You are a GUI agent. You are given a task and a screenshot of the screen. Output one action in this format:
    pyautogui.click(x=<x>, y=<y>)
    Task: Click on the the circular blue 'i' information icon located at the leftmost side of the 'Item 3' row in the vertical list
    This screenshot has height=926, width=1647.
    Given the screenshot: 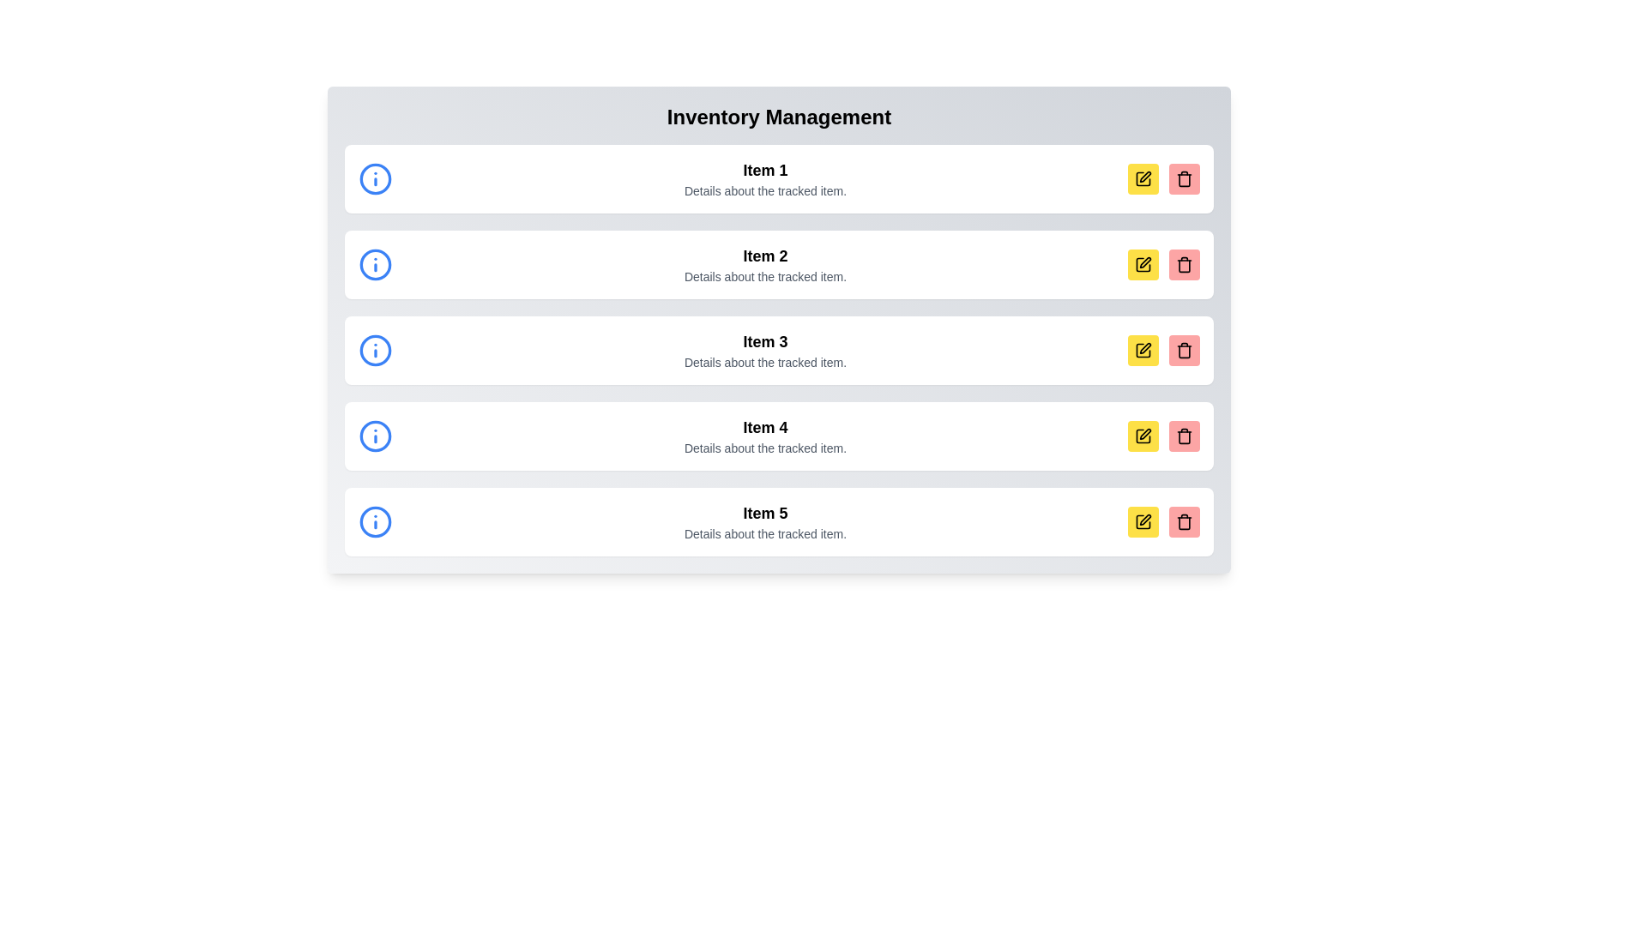 What is the action you would take?
    pyautogui.click(x=374, y=349)
    